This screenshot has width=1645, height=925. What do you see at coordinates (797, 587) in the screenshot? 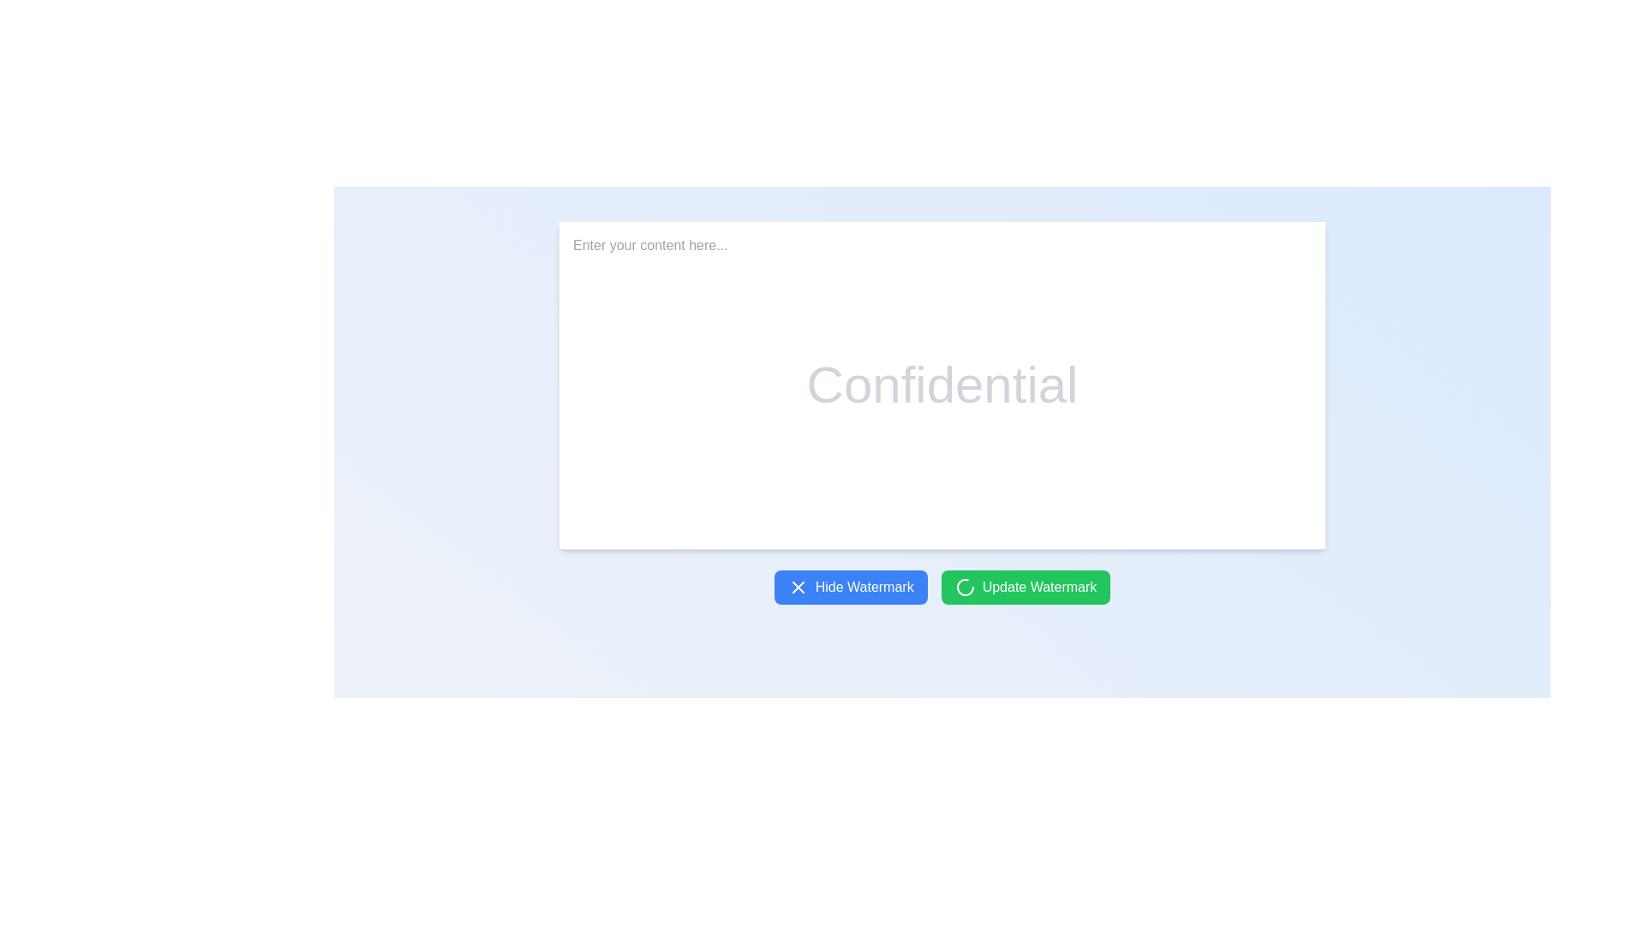
I see `the 'X' icon rendered as part of the SVG element with the 'lucide-x' class, located near the top-right corner of the modal interface` at bounding box center [797, 587].